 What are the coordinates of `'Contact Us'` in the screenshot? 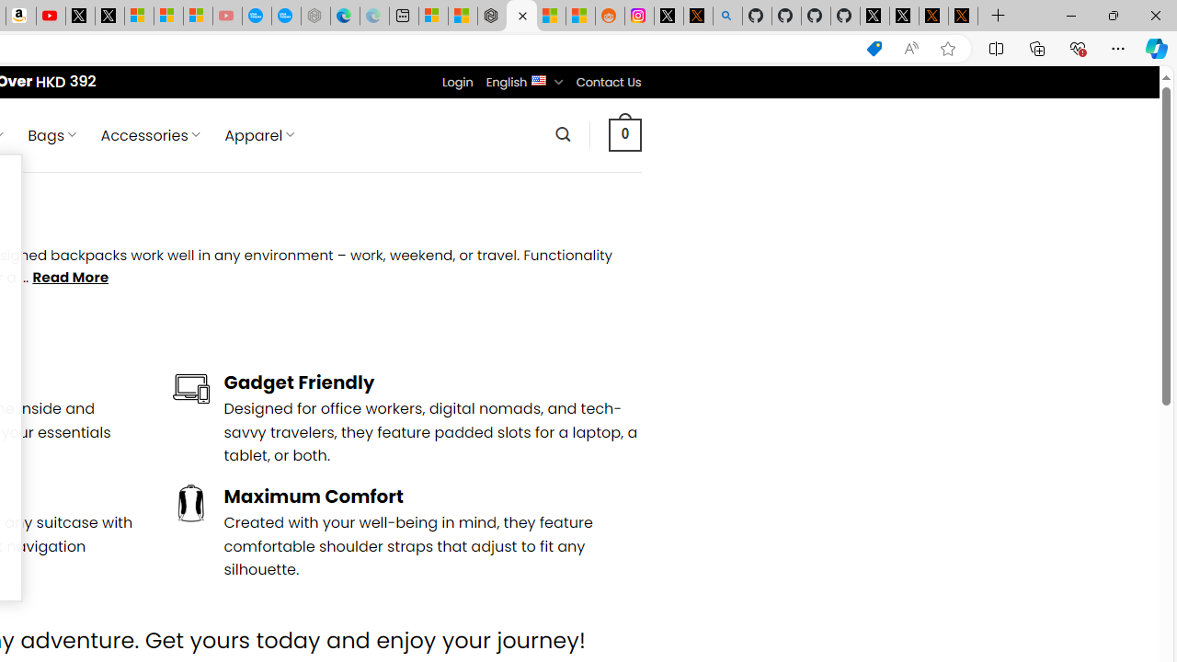 It's located at (608, 81).